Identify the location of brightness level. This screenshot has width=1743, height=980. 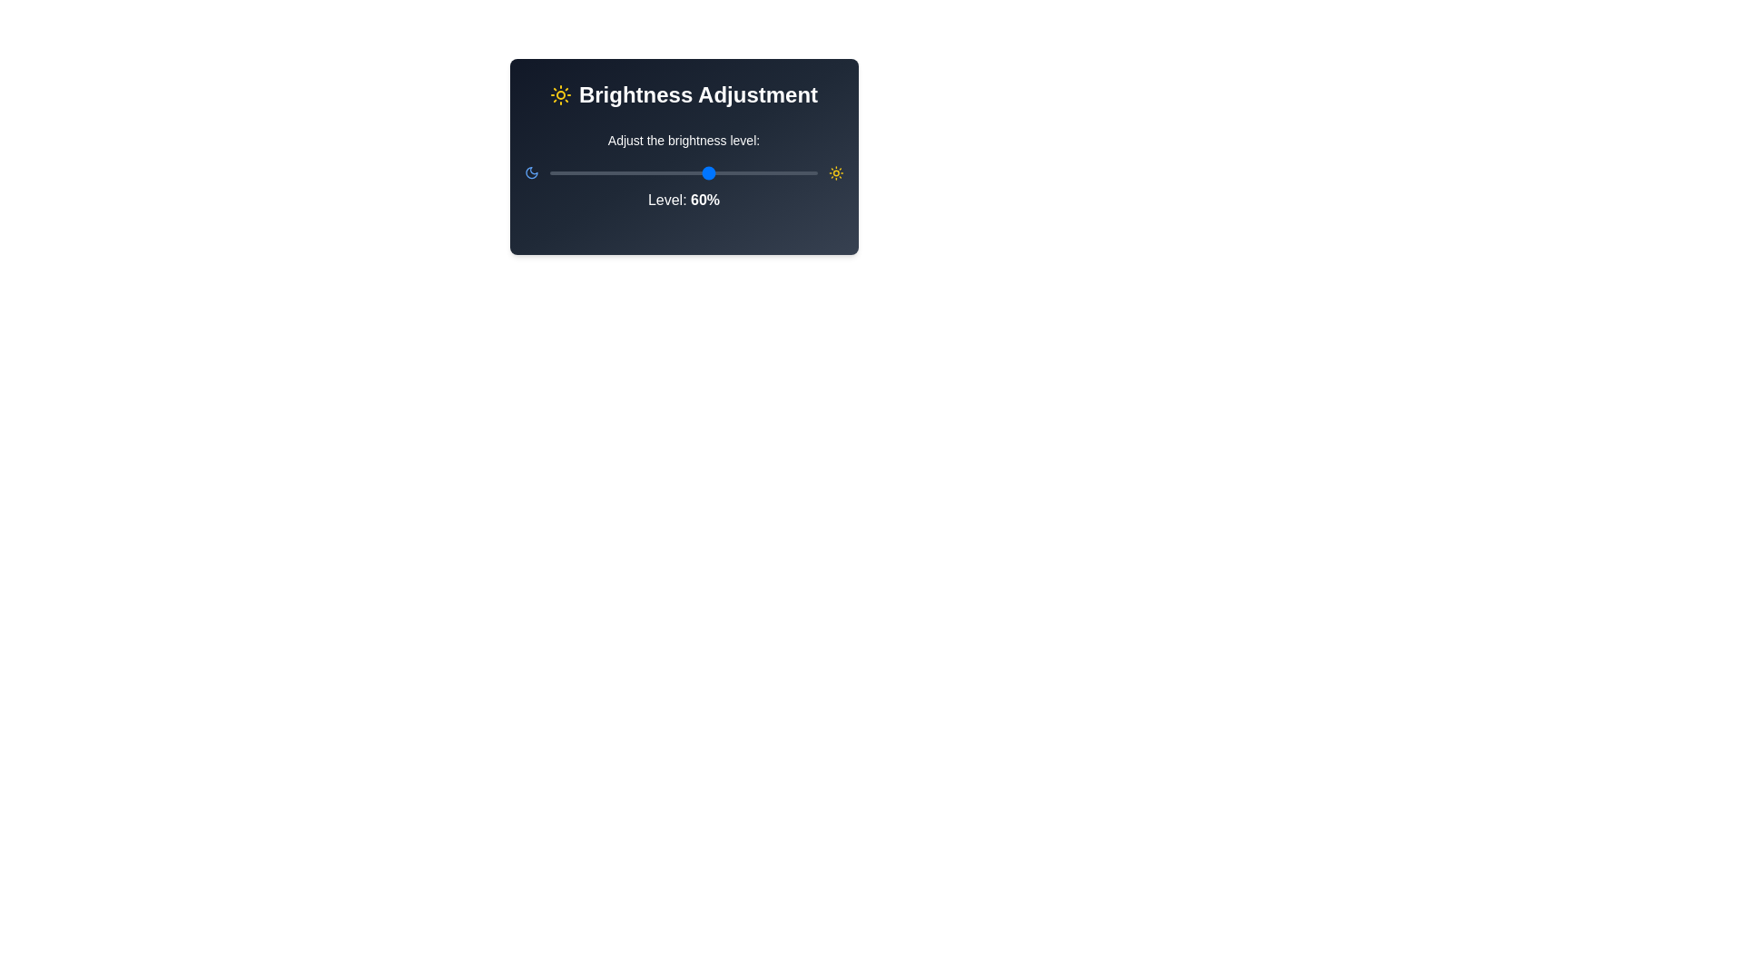
(758, 173).